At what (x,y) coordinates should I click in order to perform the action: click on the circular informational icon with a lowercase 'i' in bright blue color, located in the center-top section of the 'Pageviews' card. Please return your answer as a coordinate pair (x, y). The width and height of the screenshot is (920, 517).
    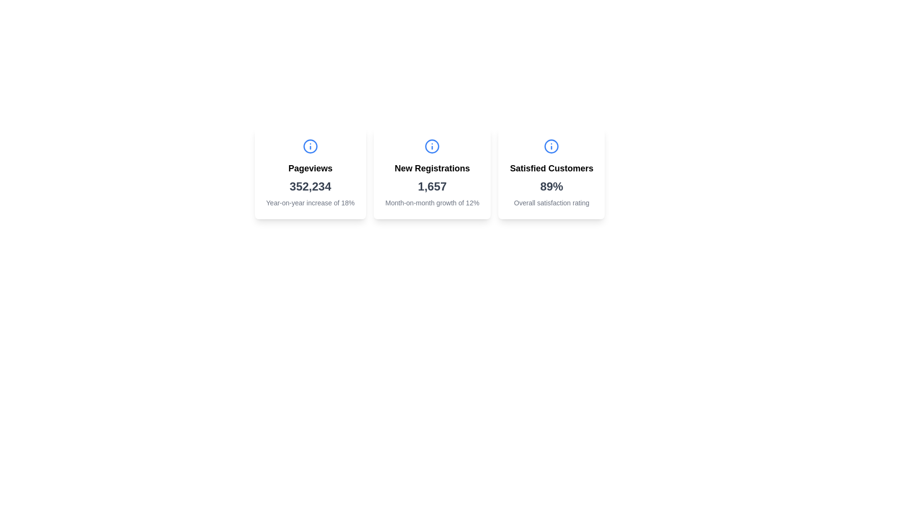
    Looking at the image, I should click on (310, 146).